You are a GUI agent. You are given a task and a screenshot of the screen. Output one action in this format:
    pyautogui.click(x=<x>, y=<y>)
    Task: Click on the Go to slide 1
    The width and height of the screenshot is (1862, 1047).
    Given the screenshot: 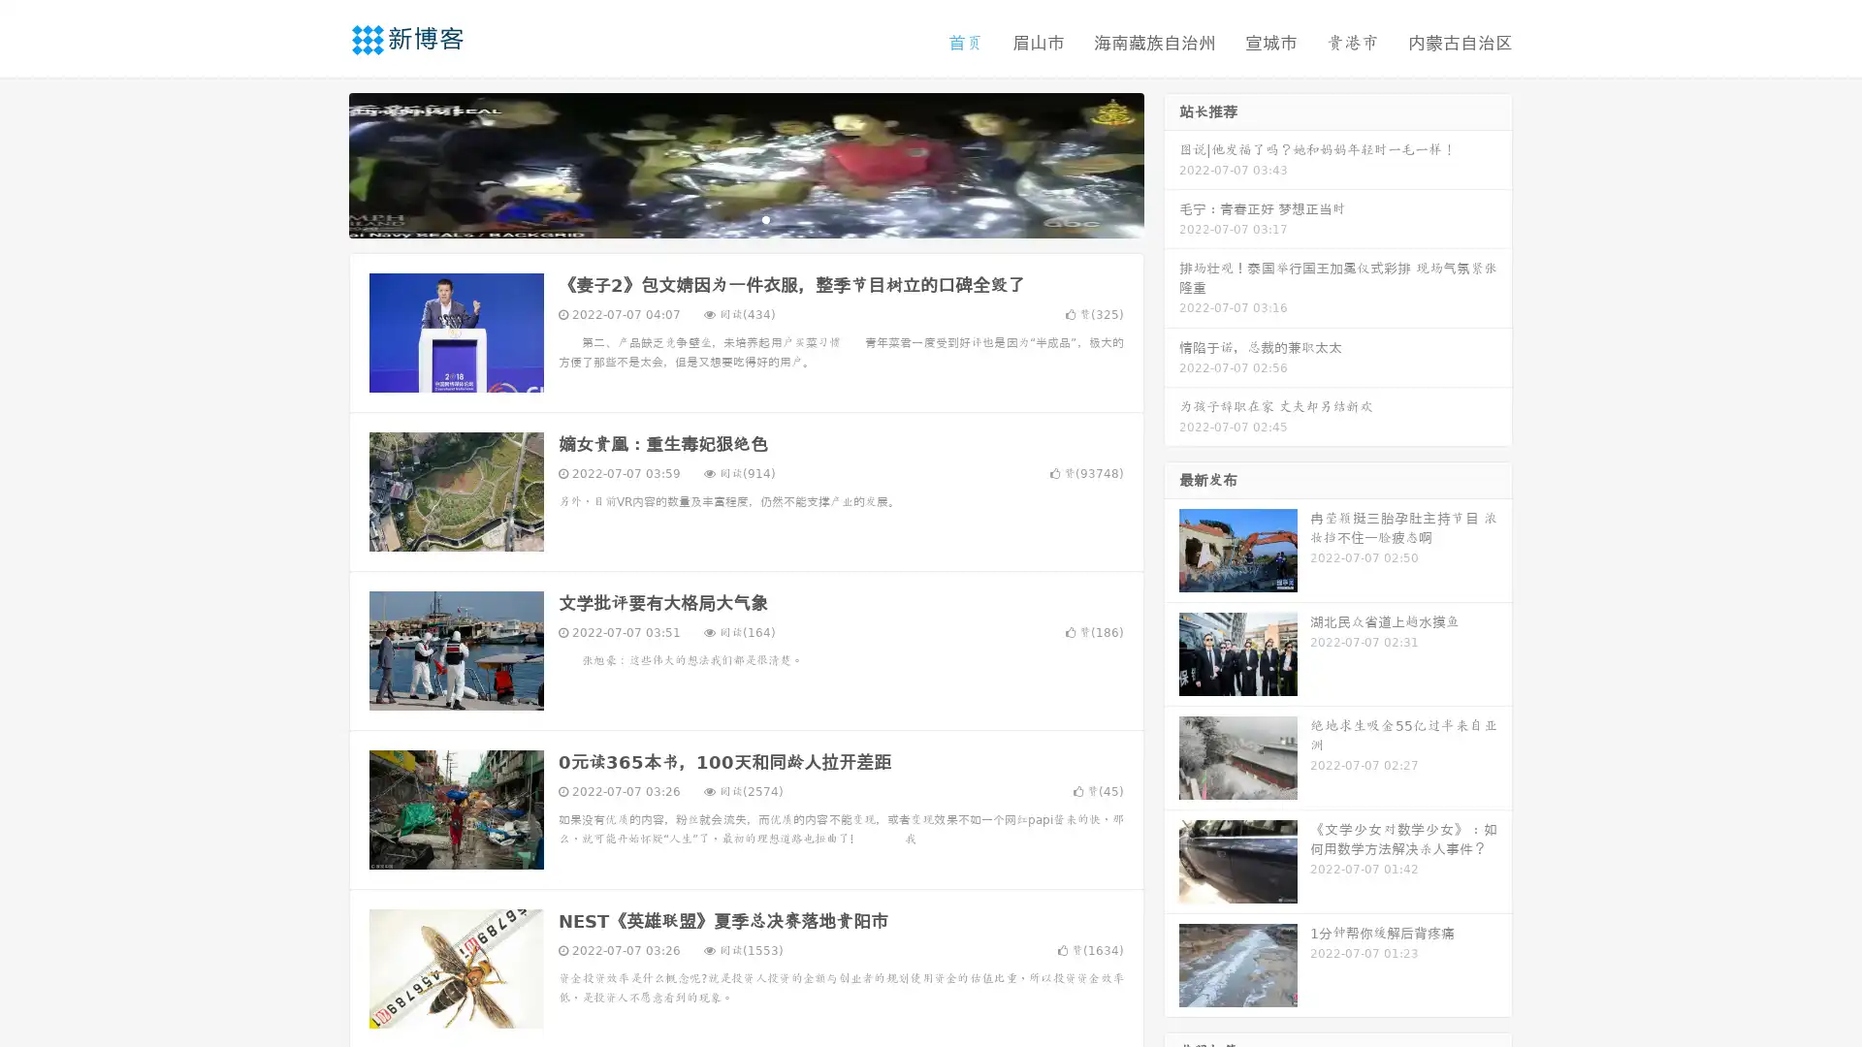 What is the action you would take?
    pyautogui.click(x=725, y=218)
    